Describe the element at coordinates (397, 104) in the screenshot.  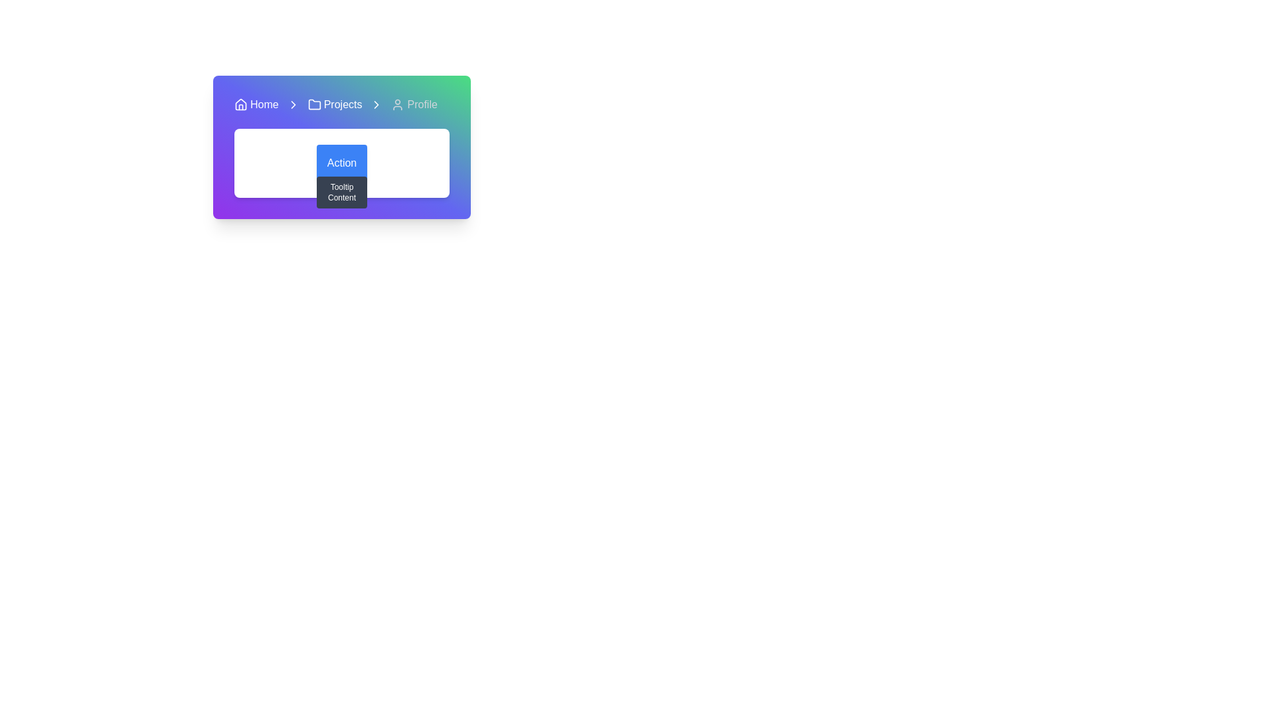
I see `the user-profile icon located in the navigation bar next to the 'Profile' label` at that location.